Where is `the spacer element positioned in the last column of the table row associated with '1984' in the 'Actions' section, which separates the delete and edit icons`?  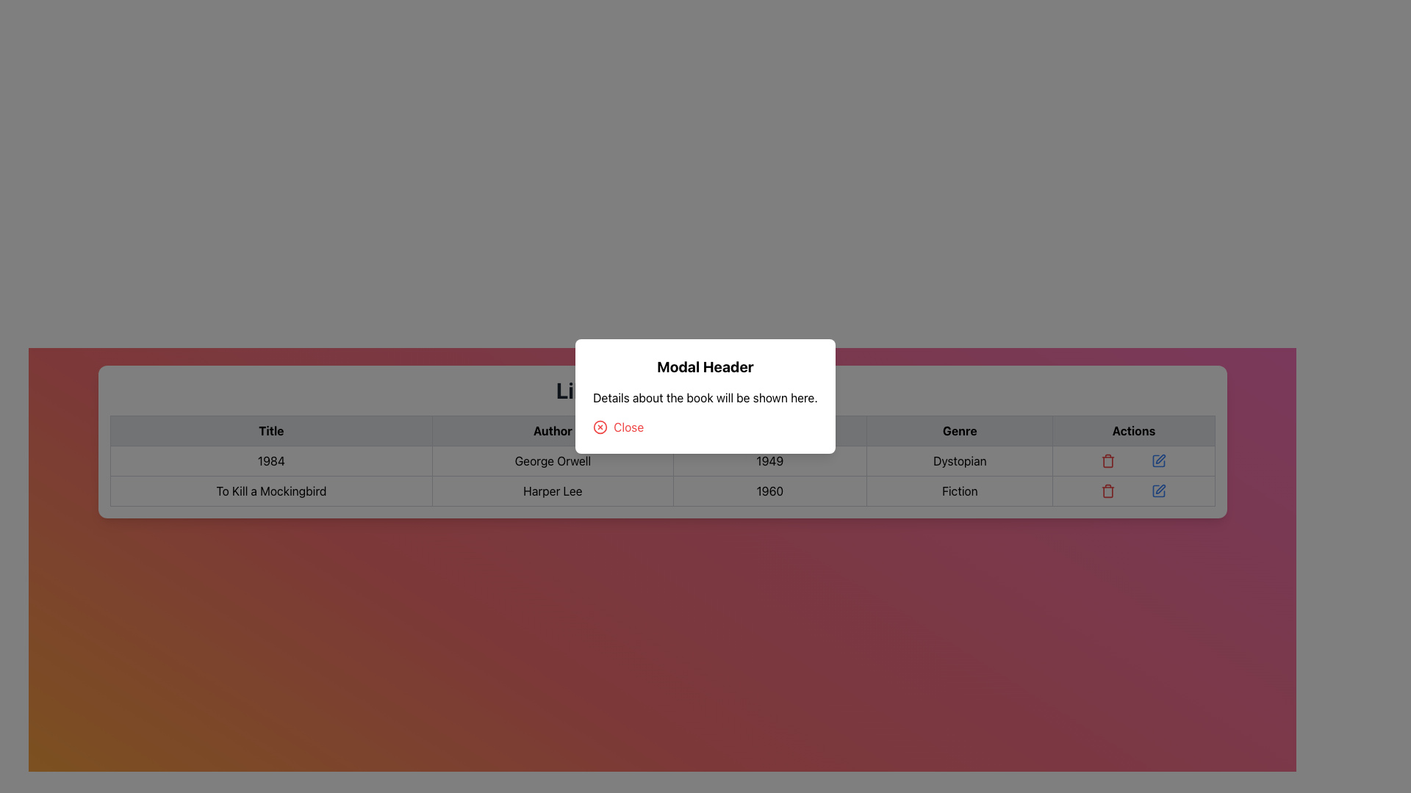 the spacer element positioned in the last column of the table row associated with '1984' in the 'Actions' section, which separates the delete and edit icons is located at coordinates (1132, 460).